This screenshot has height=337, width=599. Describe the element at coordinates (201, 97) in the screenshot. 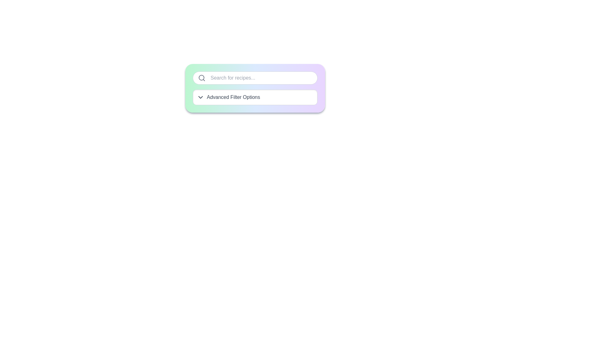

I see `the downward-facing chevron icon located to the left of the 'Advanced Filter Options' label` at that location.